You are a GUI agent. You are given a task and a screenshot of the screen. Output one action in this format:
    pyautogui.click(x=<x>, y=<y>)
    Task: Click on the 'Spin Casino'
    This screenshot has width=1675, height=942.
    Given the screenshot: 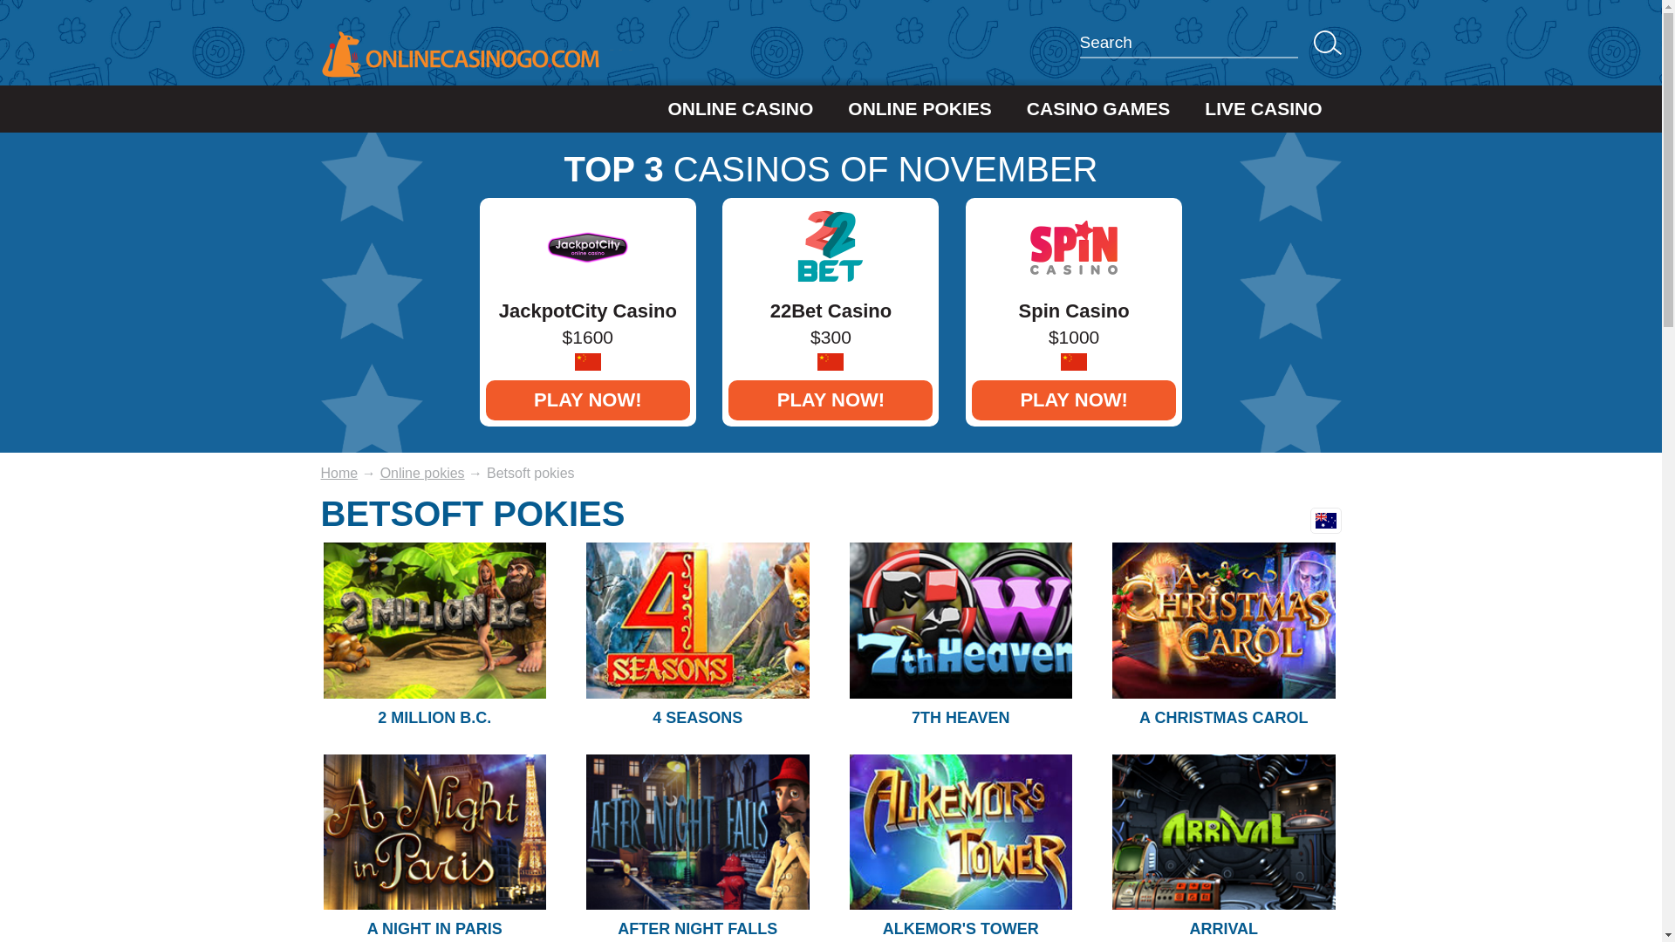 What is the action you would take?
    pyautogui.click(x=1072, y=263)
    